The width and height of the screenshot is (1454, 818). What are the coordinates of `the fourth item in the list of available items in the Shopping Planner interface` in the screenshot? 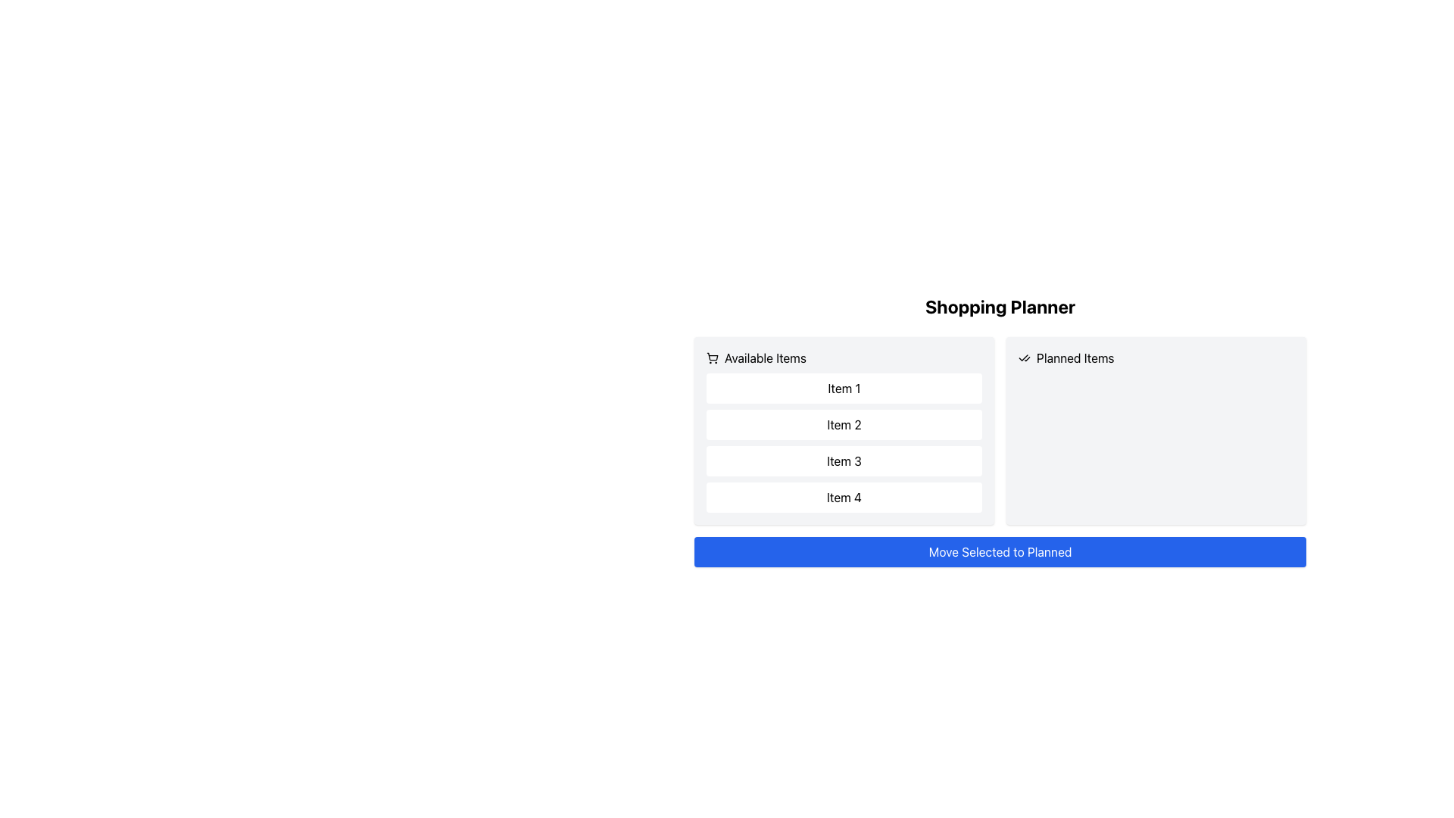 It's located at (843, 497).